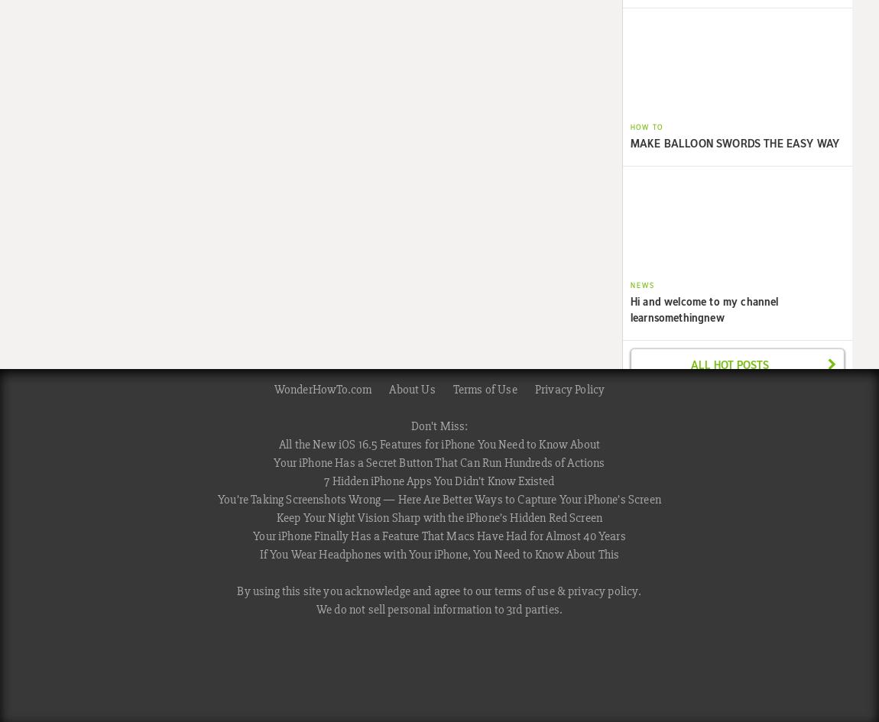 This screenshot has height=722, width=879. Describe the element at coordinates (483, 387) in the screenshot. I see `'Terms of Use'` at that location.